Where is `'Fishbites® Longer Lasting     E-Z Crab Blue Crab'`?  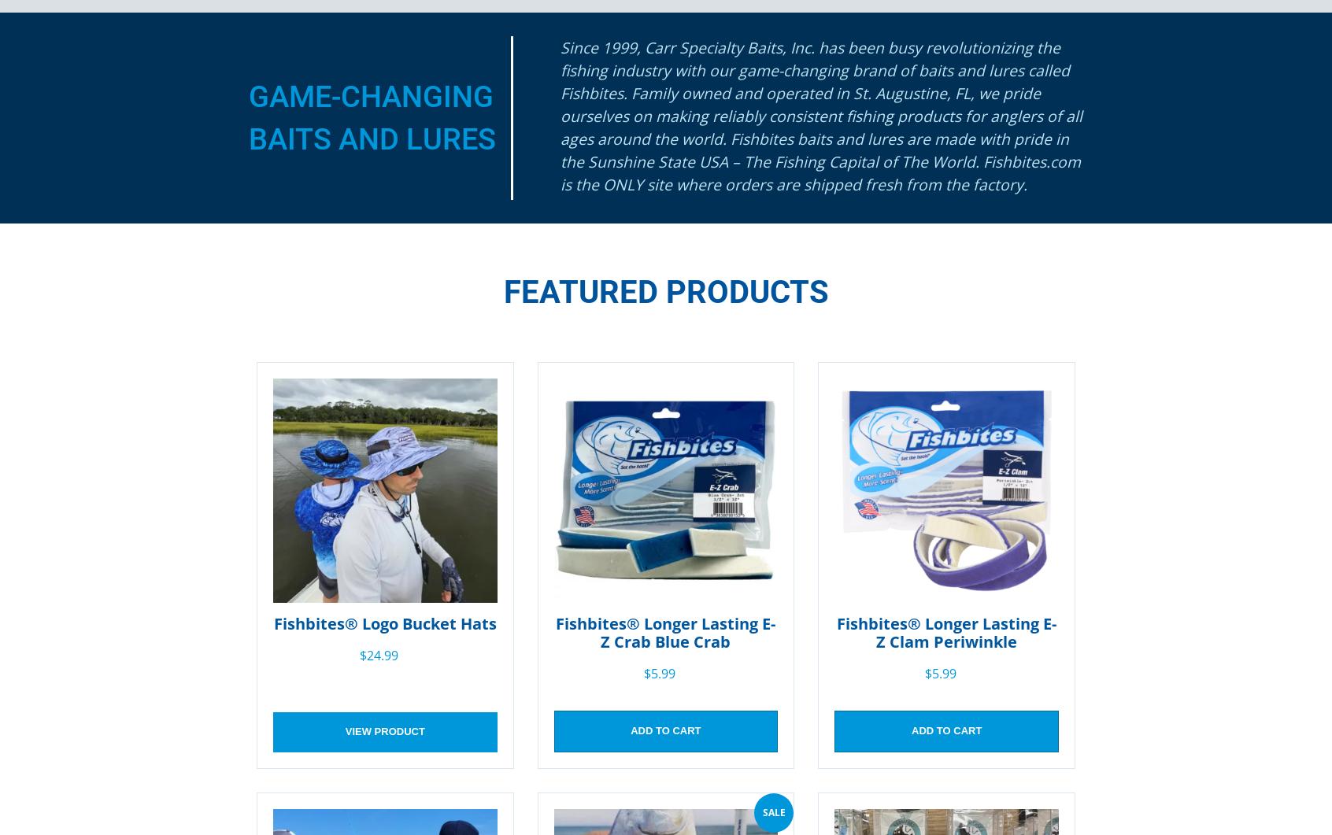 'Fishbites® Longer Lasting     E-Z Crab Blue Crab' is located at coordinates (665, 631).